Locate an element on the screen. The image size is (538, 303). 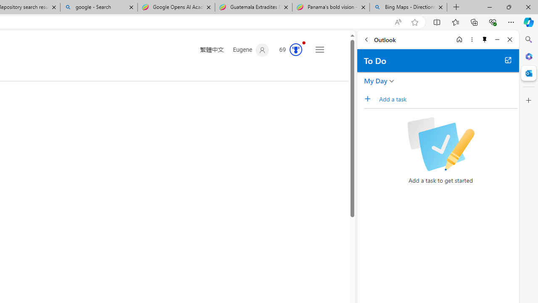
'Settings and more (Alt+F)' is located at coordinates (511, 21).